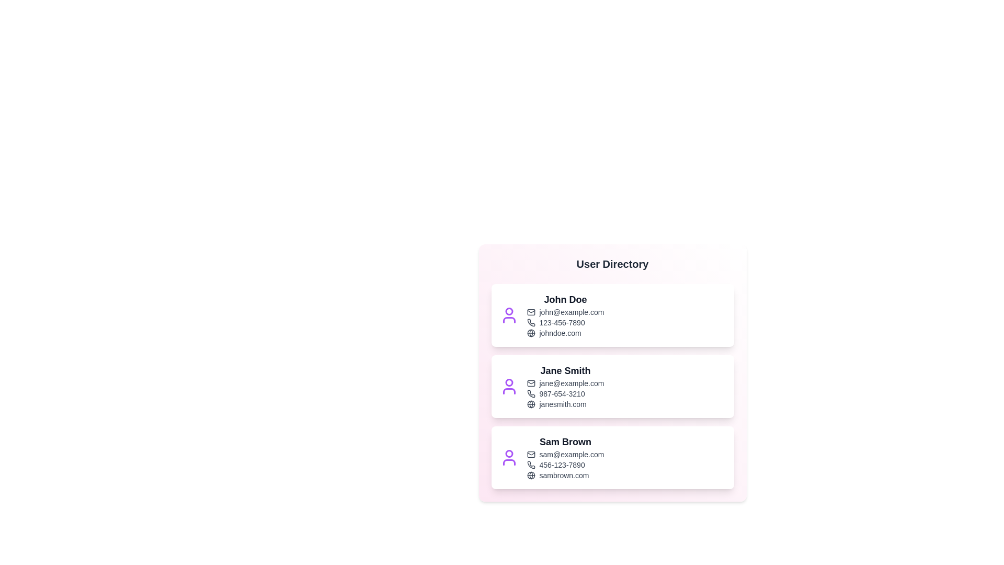  Describe the element at coordinates (565, 322) in the screenshot. I see `the phone number of John Doe` at that location.